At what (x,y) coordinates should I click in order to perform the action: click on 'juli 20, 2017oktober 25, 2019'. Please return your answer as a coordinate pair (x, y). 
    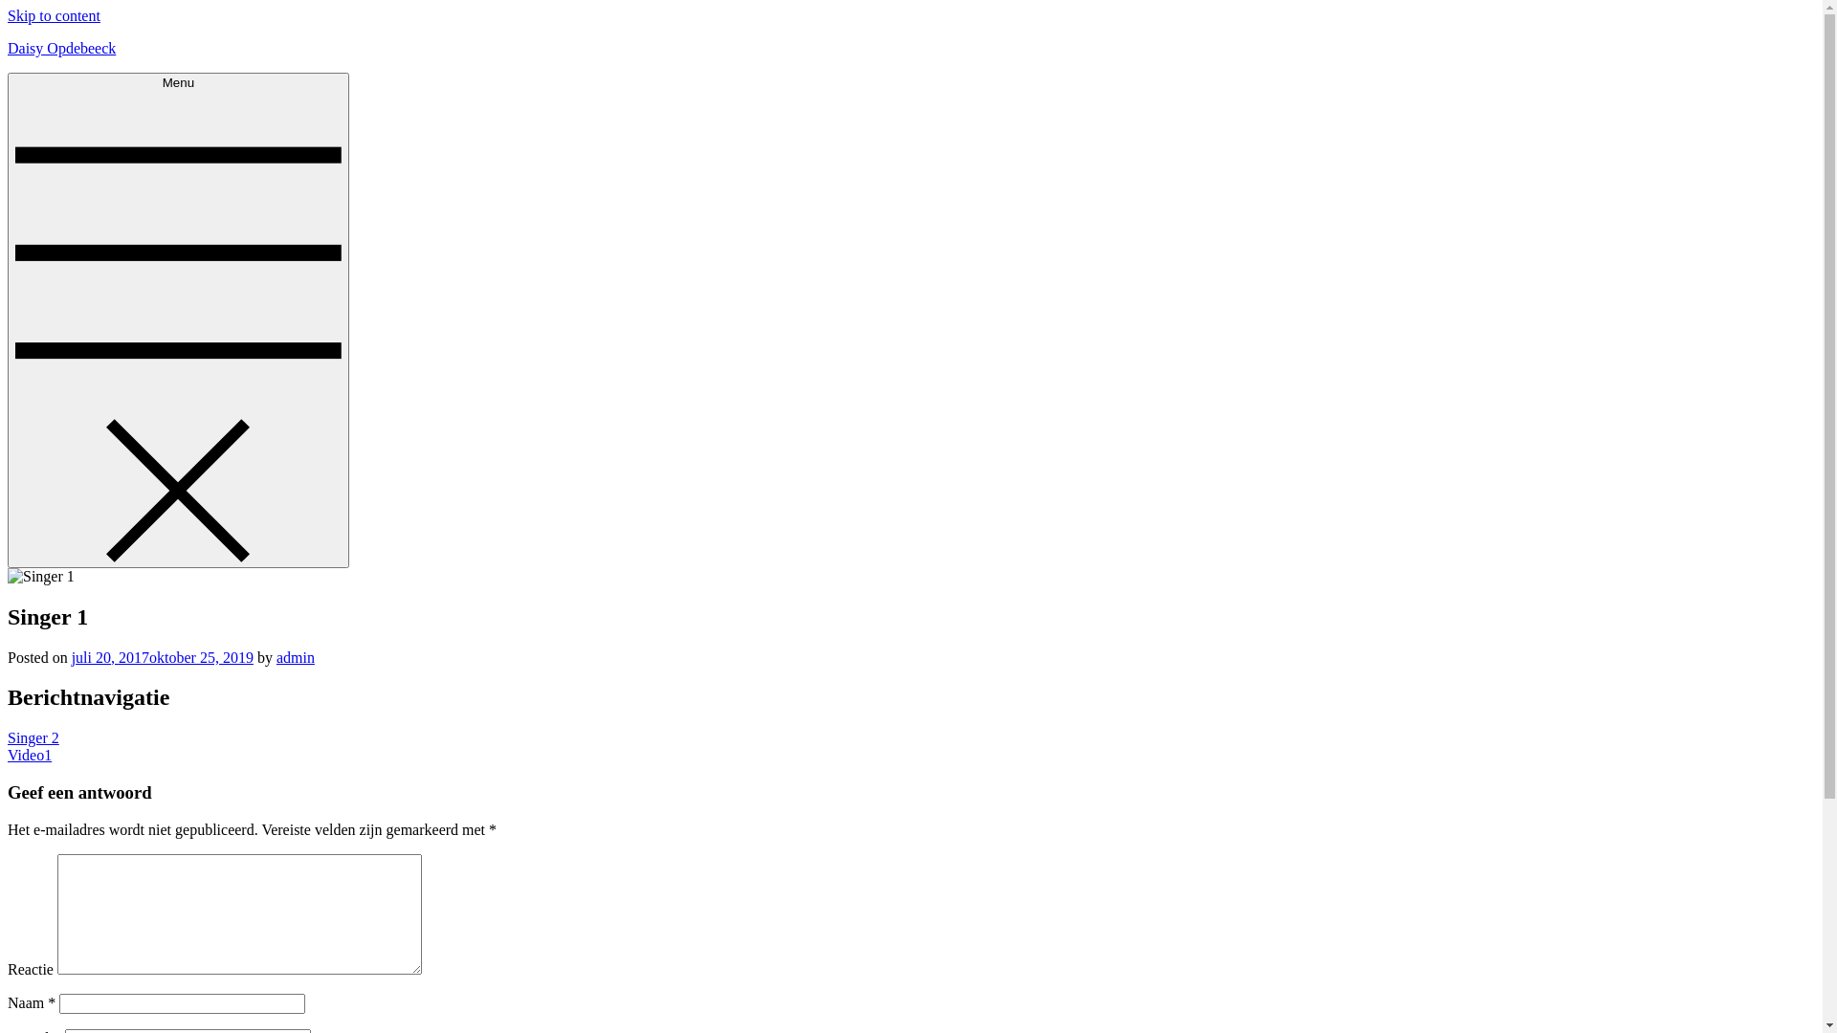
    Looking at the image, I should click on (162, 656).